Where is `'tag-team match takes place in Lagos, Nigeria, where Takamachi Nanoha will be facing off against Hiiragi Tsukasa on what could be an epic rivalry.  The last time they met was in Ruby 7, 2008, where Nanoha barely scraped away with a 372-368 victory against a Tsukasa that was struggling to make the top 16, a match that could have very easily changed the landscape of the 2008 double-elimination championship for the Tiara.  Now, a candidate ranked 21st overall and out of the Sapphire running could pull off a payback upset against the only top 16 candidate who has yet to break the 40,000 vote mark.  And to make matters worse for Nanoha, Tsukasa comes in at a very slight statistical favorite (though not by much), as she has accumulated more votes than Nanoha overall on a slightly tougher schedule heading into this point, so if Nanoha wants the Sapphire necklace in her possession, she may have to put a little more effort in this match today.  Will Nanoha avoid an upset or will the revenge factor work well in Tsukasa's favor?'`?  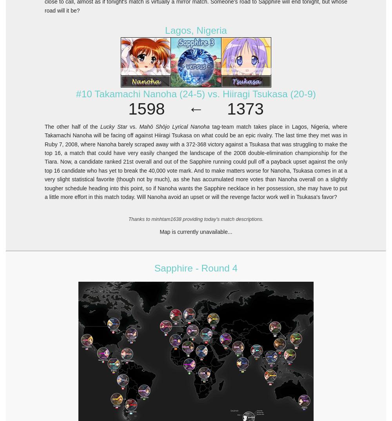 'tag-team match takes place in Lagos, Nigeria, where Takamachi Nanoha will be facing off against Hiiragi Tsukasa on what could be an epic rivalry.  The last time they met was in Ruby 7, 2008, where Nanoha barely scraped away with a 372-368 victory against a Tsukasa that was struggling to make the top 16, a match that could have very easily changed the landscape of the 2008 double-elimination championship for the Tiara.  Now, a candidate ranked 21st overall and out of the Sapphire running could pull off a payback upset against the only top 16 candidate who has yet to break the 40,000 vote mark.  And to make matters worse for Nanoha, Tsukasa comes in at a very slight statistical favorite (though not by much), as she has accumulated more votes than Nanoha overall on a slightly tougher schedule heading into this point, so if Nanoha wants the Sapphire necklace in her possession, she may have to put a little more effort in this match today.  Will Nanoha avoid an upset or will the revenge factor work well in Tsukasa's favor?' is located at coordinates (196, 161).